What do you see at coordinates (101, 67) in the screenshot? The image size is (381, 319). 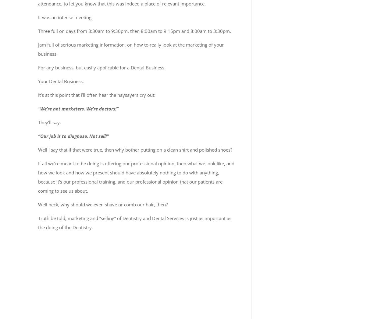 I see `'For any business, but easily applicable for a Dental Business.'` at bounding box center [101, 67].